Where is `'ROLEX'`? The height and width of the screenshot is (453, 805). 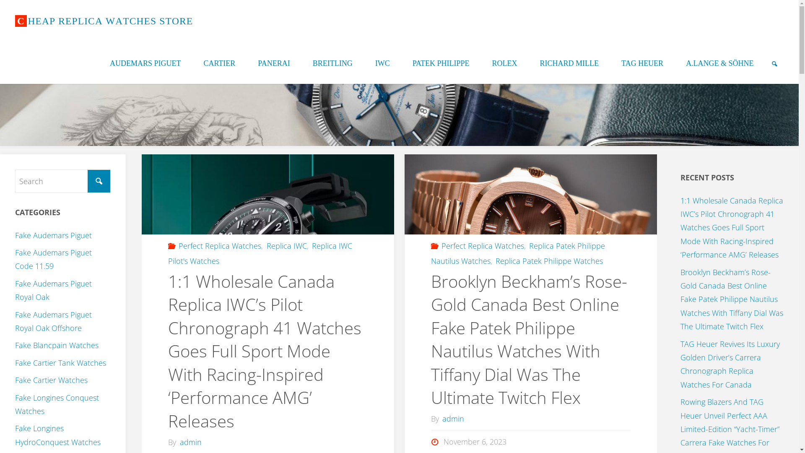
'ROLEX' is located at coordinates (481, 62).